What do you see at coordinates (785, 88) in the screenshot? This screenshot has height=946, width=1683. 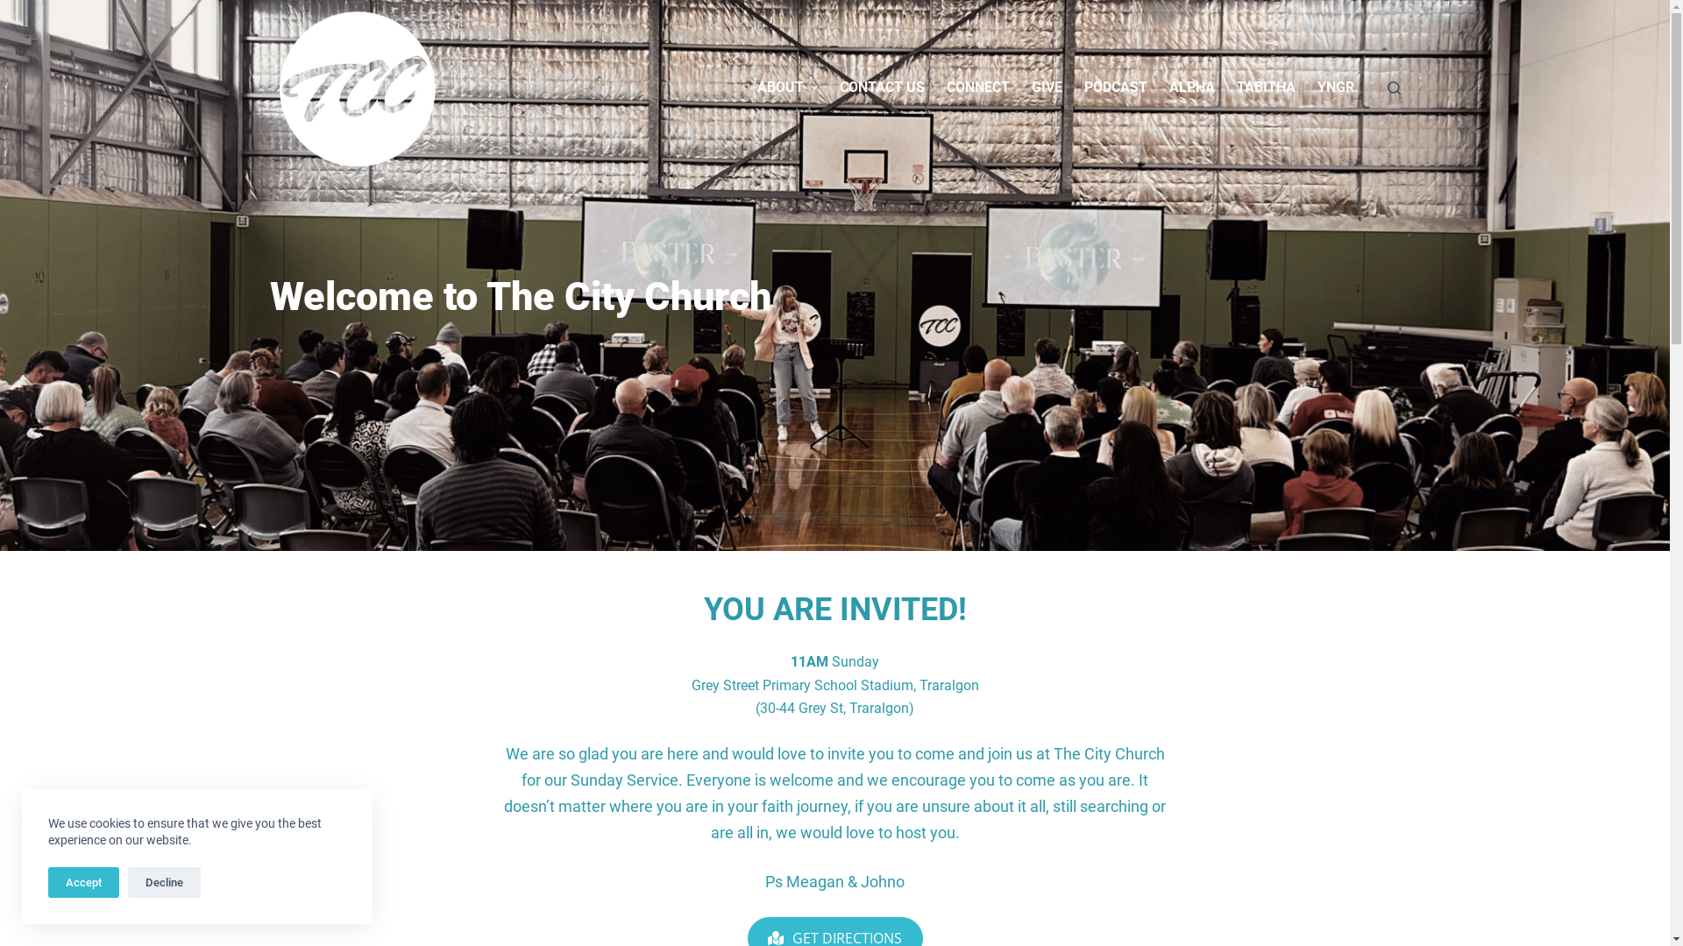 I see `'ABOUT'` at bounding box center [785, 88].